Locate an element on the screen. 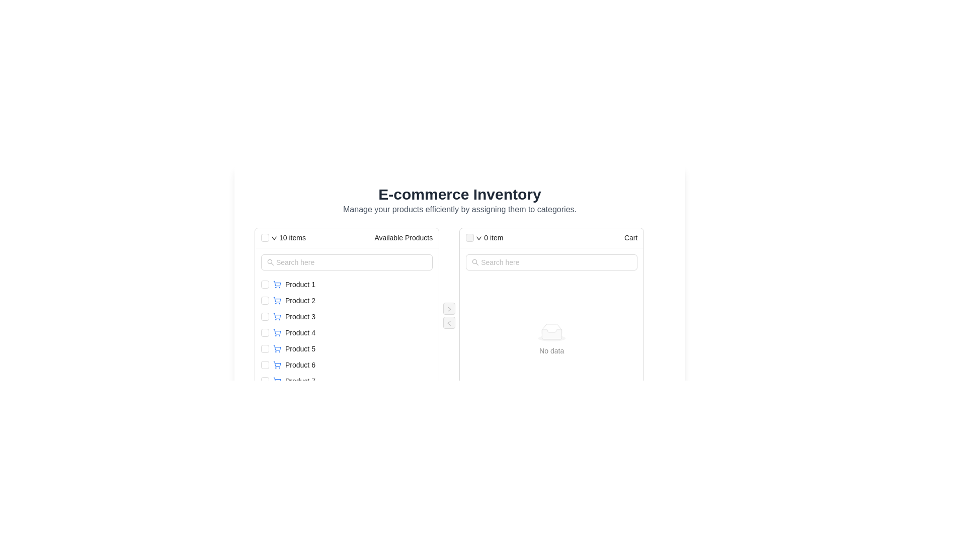 The height and width of the screenshot is (543, 966). the icon located in the header section of the 'Cart' column, beside the text '0 item' is located at coordinates (478, 238).